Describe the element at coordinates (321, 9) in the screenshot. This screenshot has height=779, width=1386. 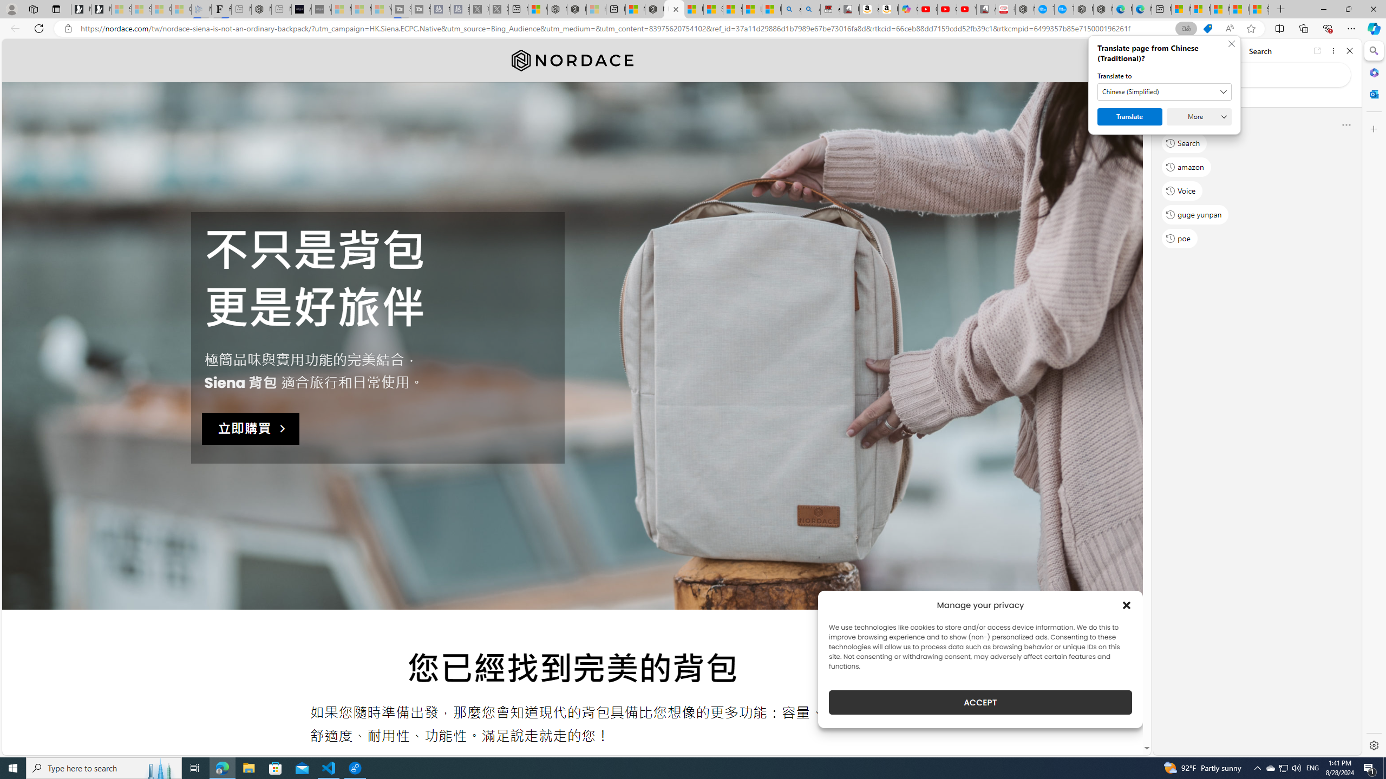
I see `'What'` at that location.